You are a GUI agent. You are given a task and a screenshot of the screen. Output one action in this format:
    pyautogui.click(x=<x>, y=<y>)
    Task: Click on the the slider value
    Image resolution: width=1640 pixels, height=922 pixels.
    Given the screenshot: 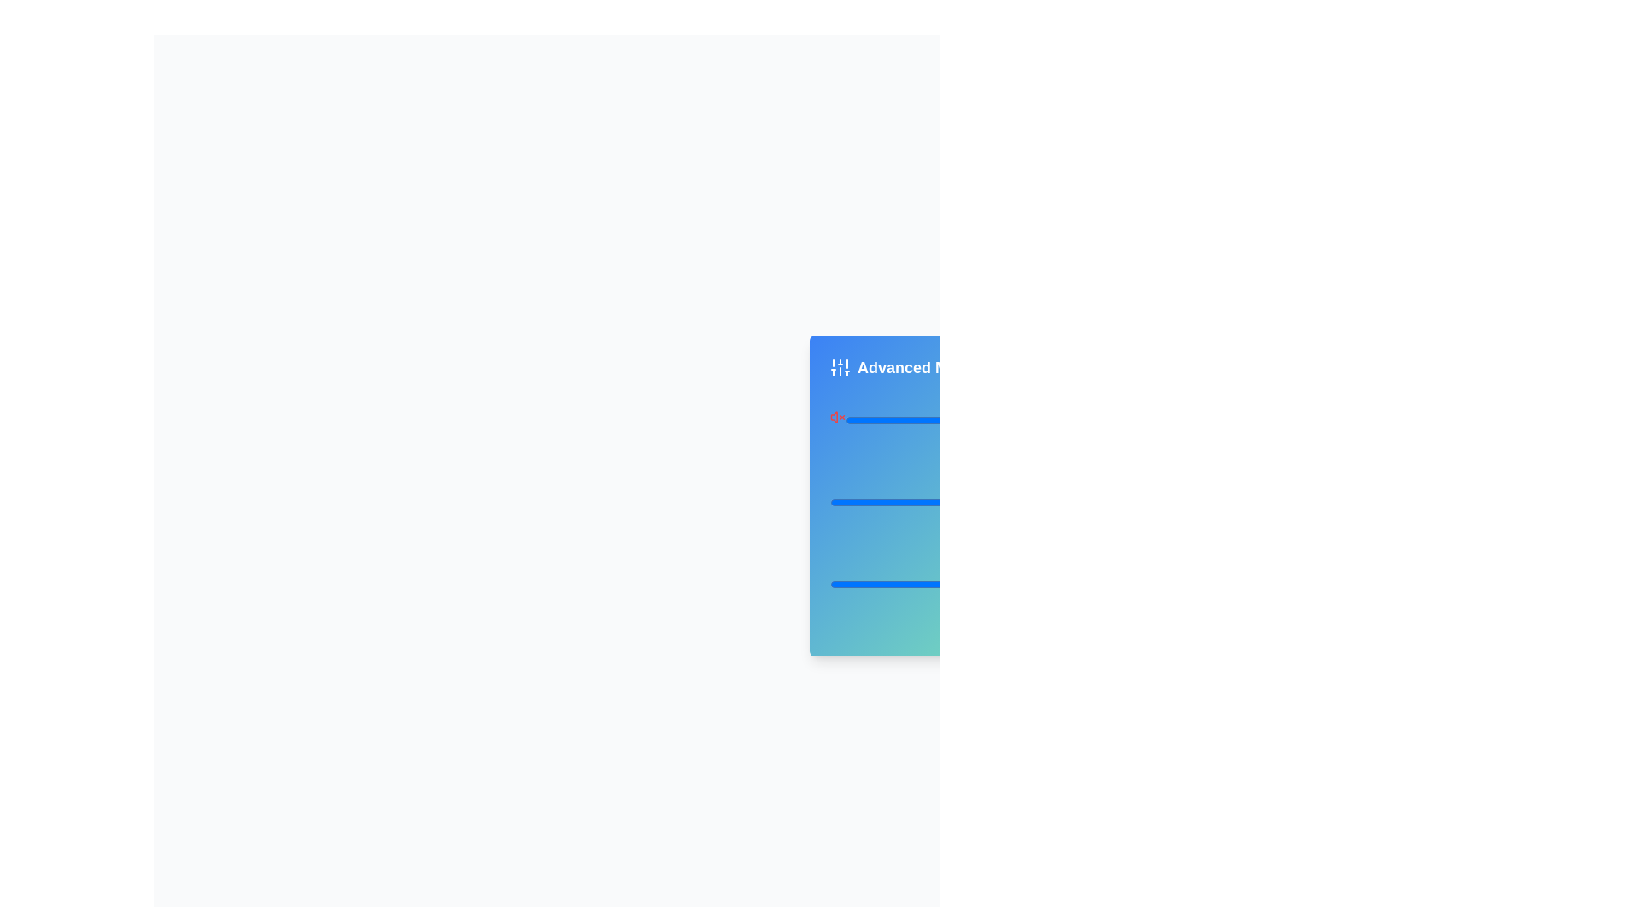 What is the action you would take?
    pyautogui.click(x=996, y=502)
    